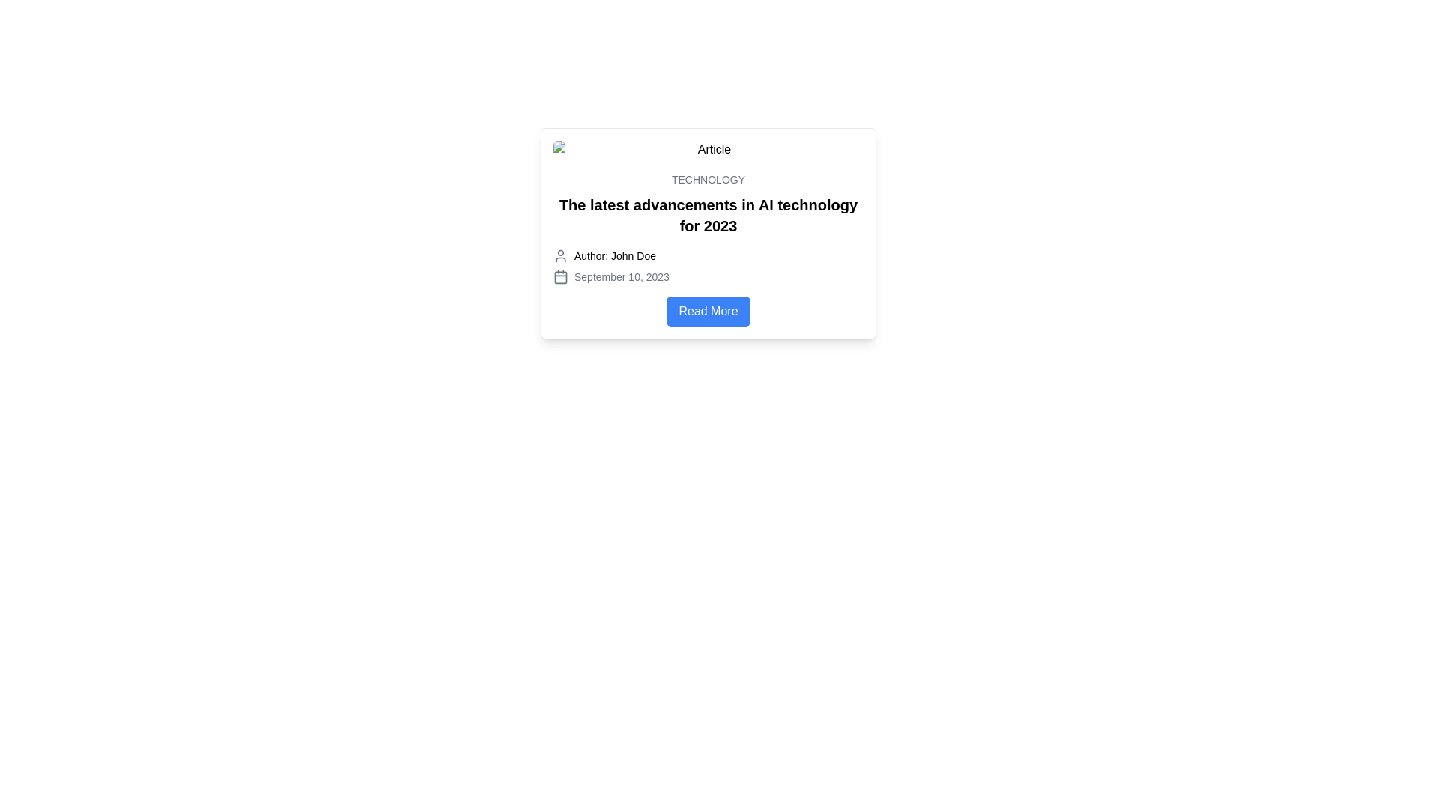 The height and width of the screenshot is (809, 1438). What do you see at coordinates (707, 311) in the screenshot?
I see `the 'Read More' button, which is a blue rectangular button with white text, located at the bottom of the article preview card` at bounding box center [707, 311].